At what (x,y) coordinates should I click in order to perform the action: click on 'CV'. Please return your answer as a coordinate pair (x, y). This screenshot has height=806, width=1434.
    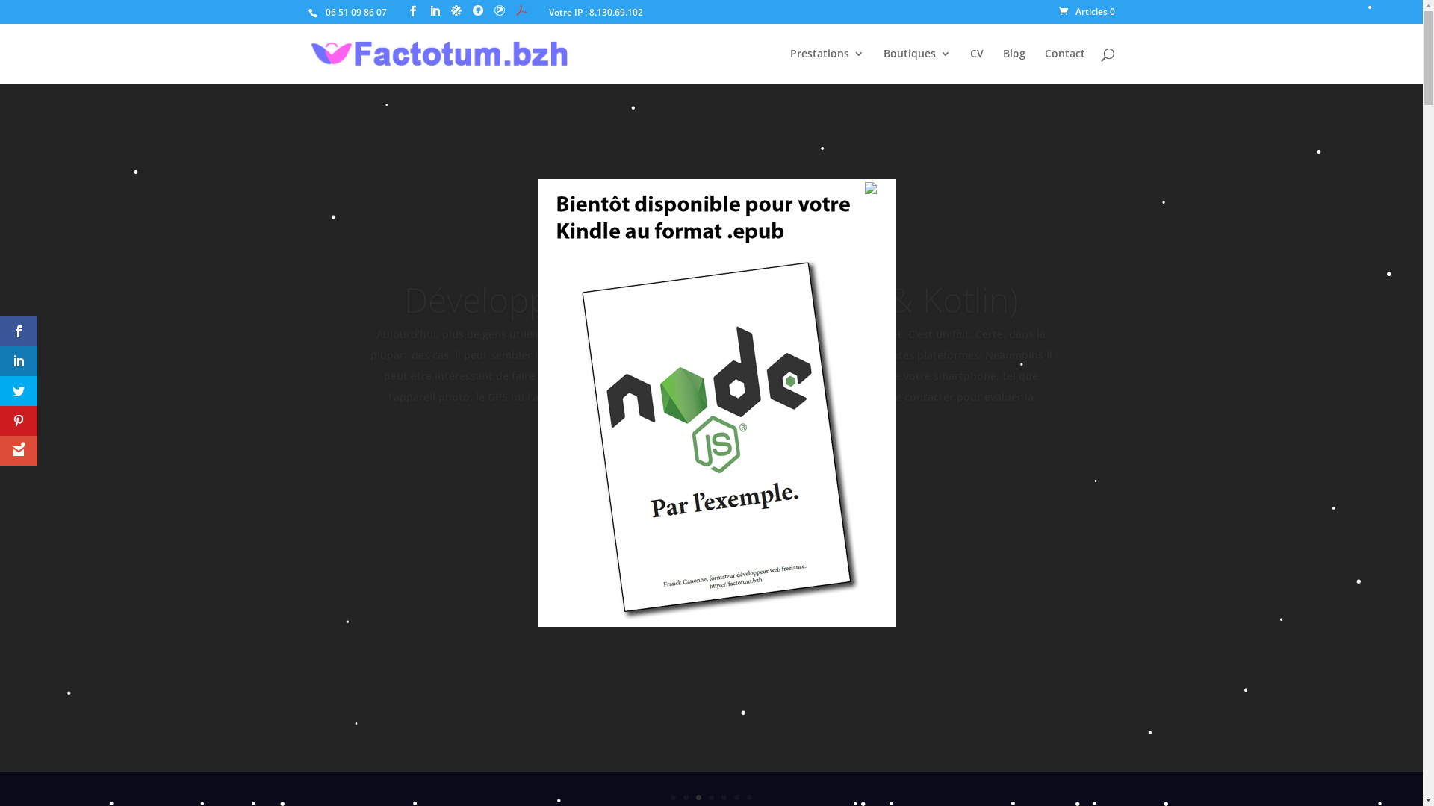
    Looking at the image, I should click on (975, 65).